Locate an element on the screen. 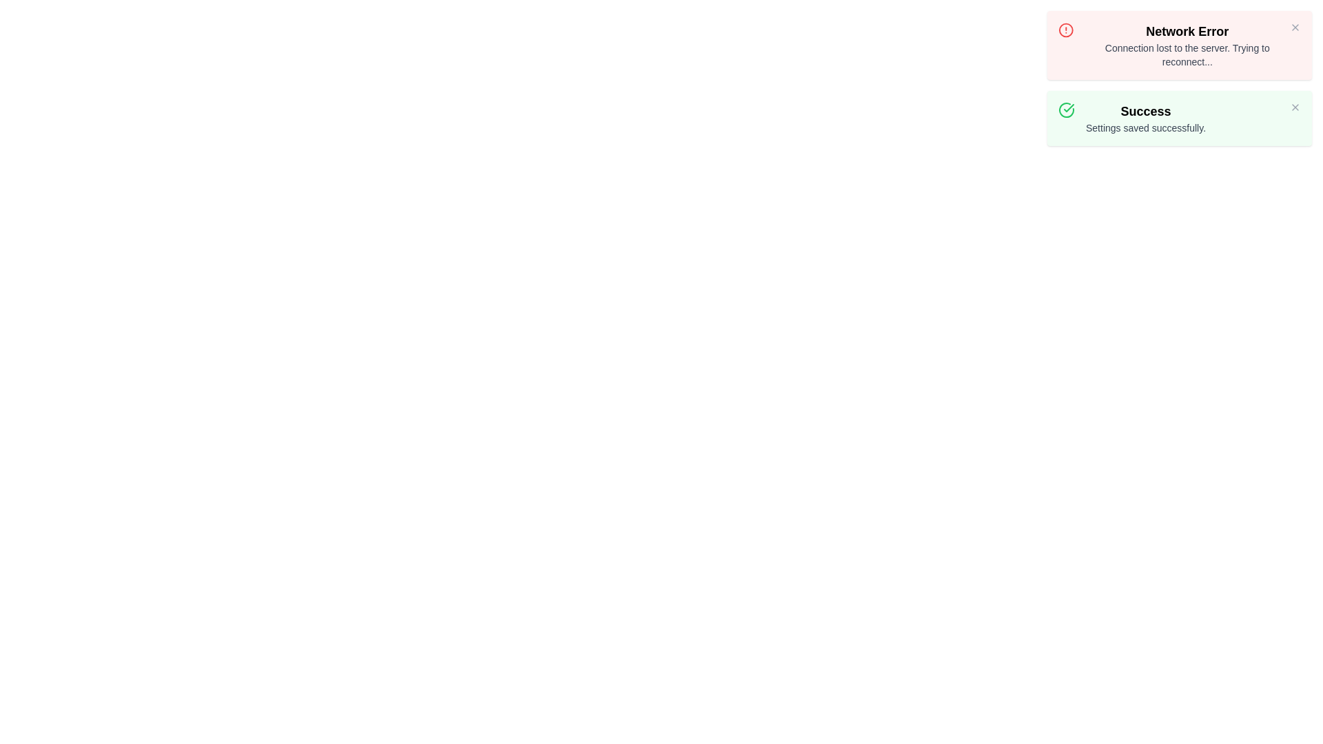 The image size is (1323, 744). the 'X' button in the top-right corner of the green notification box is located at coordinates (1295, 106).